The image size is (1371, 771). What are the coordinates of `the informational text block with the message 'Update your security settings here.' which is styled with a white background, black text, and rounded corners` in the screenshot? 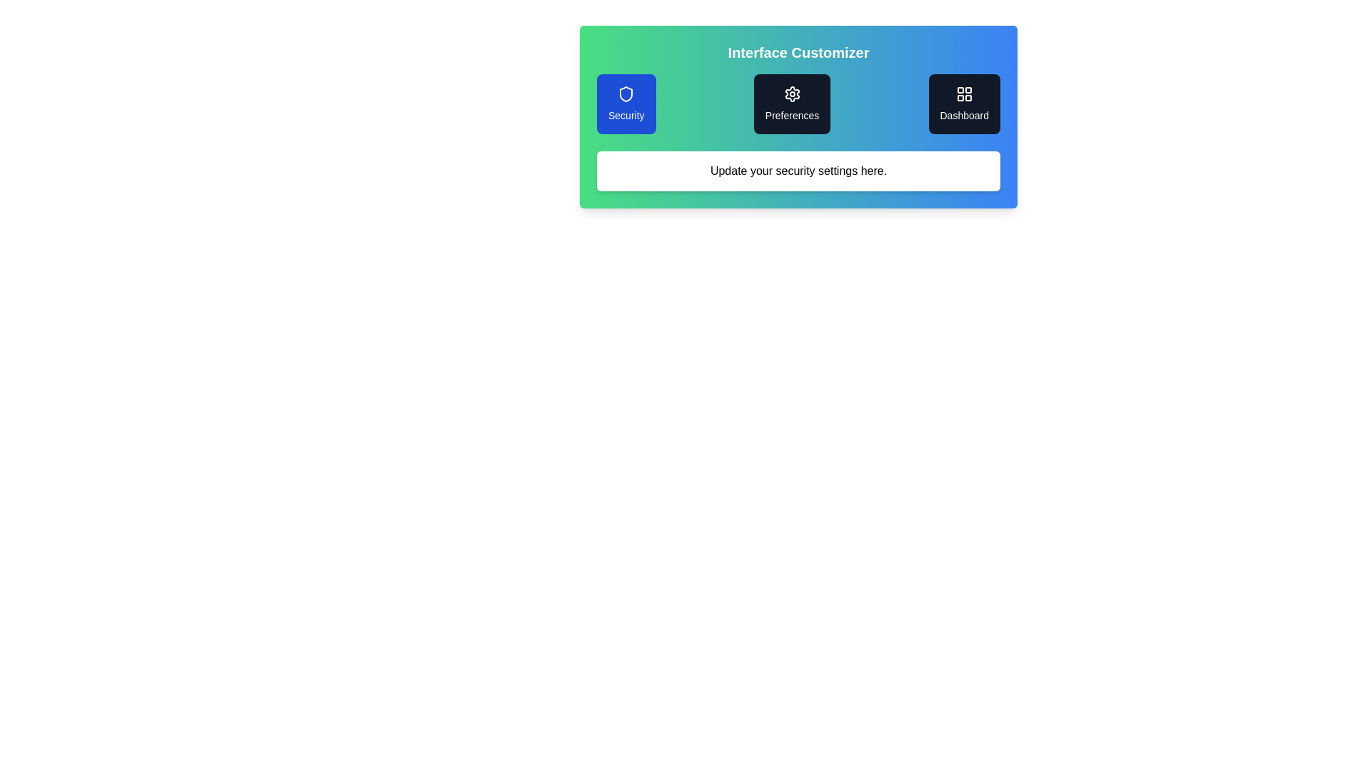 It's located at (798, 170).